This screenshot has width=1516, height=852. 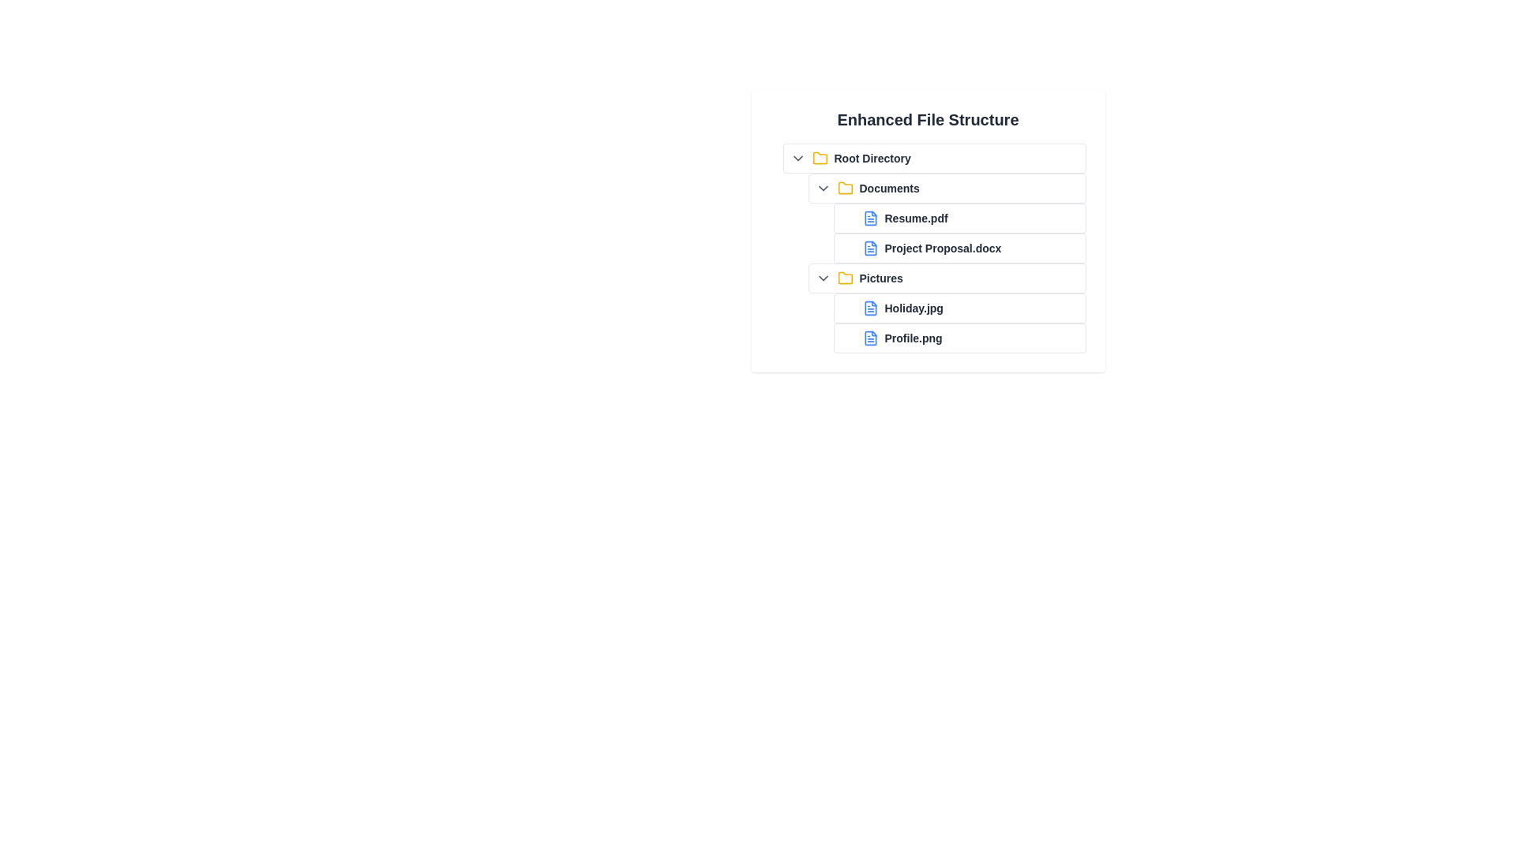 What do you see at coordinates (869, 337) in the screenshot?
I see `the blue outlined document SVG icon` at bounding box center [869, 337].